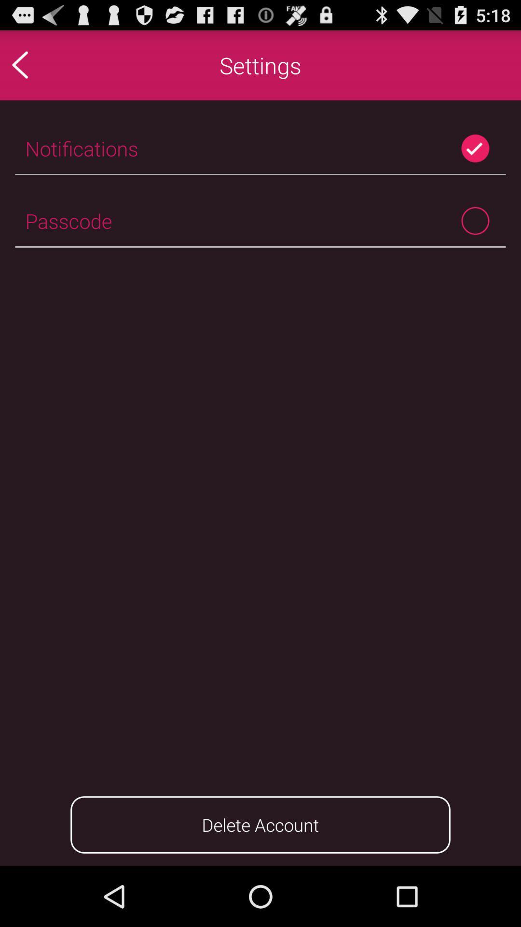 The height and width of the screenshot is (927, 521). What do you see at coordinates (40, 64) in the screenshot?
I see `the item above the notifications app` at bounding box center [40, 64].